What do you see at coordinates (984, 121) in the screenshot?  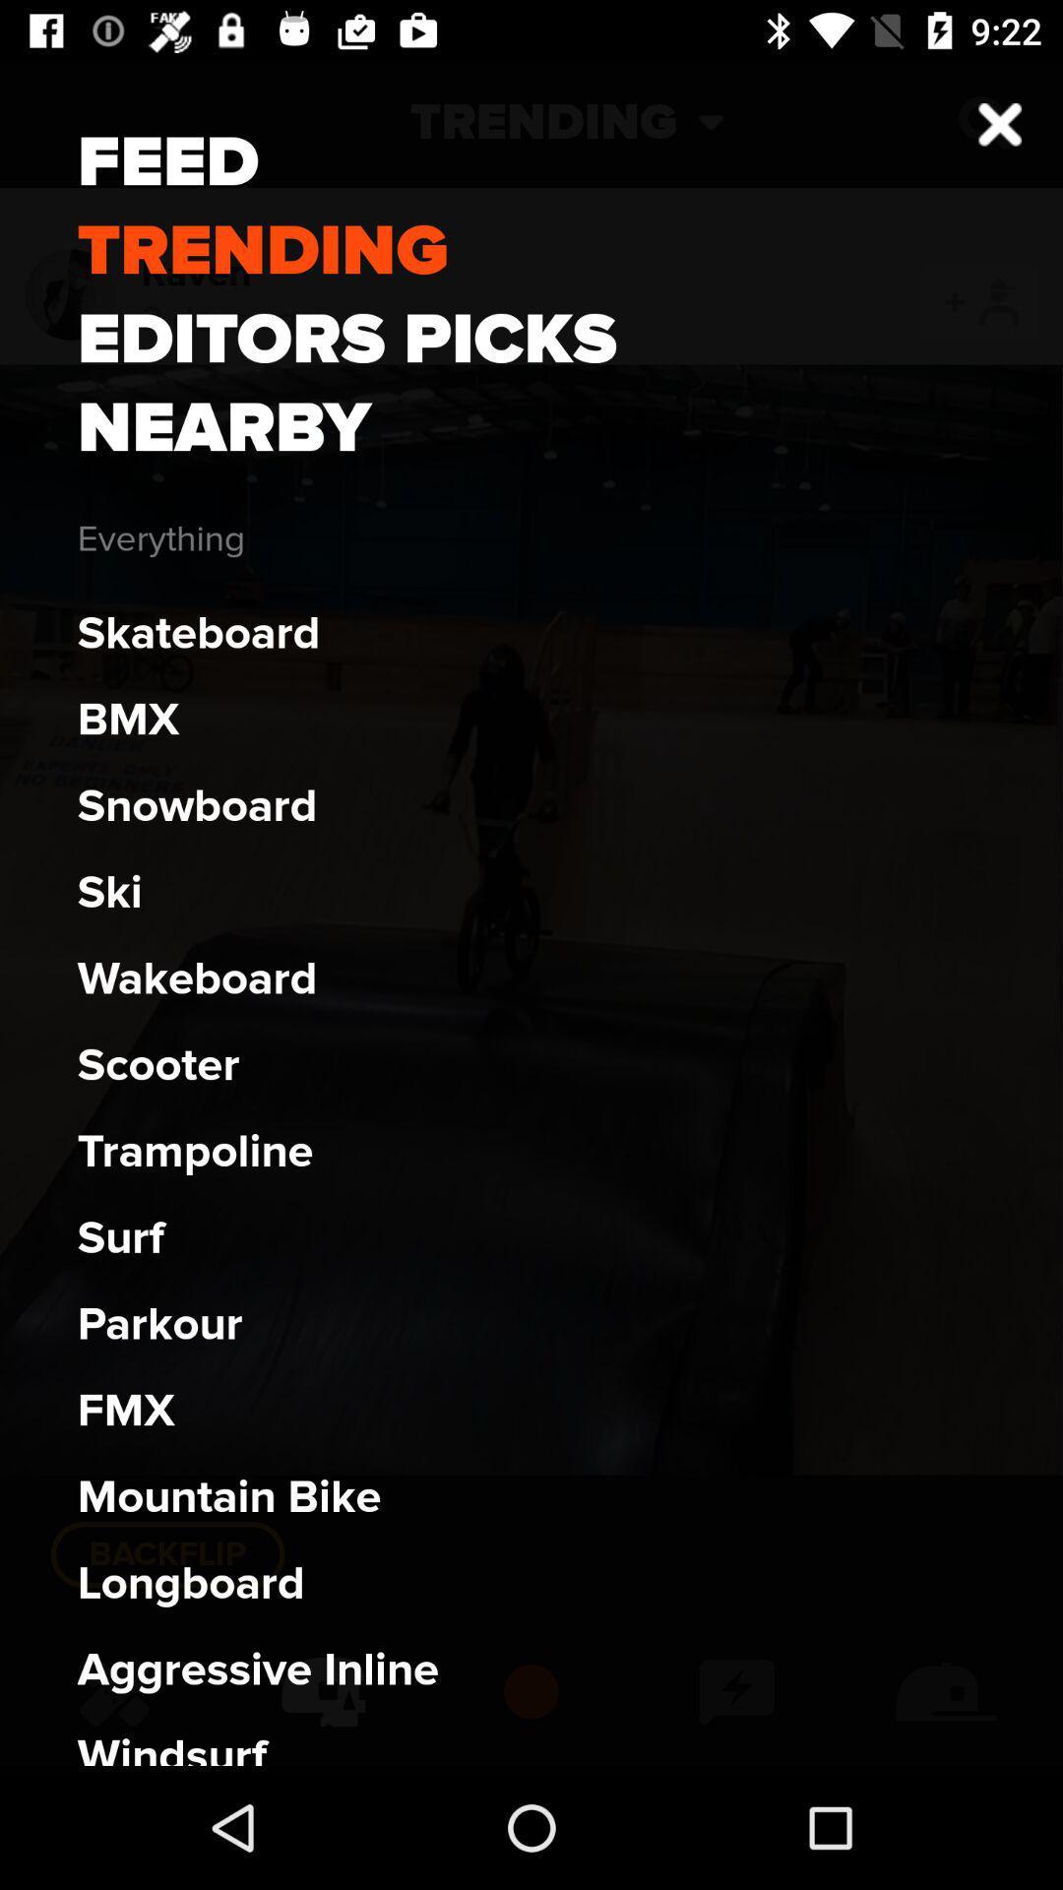 I see `the close icon` at bounding box center [984, 121].